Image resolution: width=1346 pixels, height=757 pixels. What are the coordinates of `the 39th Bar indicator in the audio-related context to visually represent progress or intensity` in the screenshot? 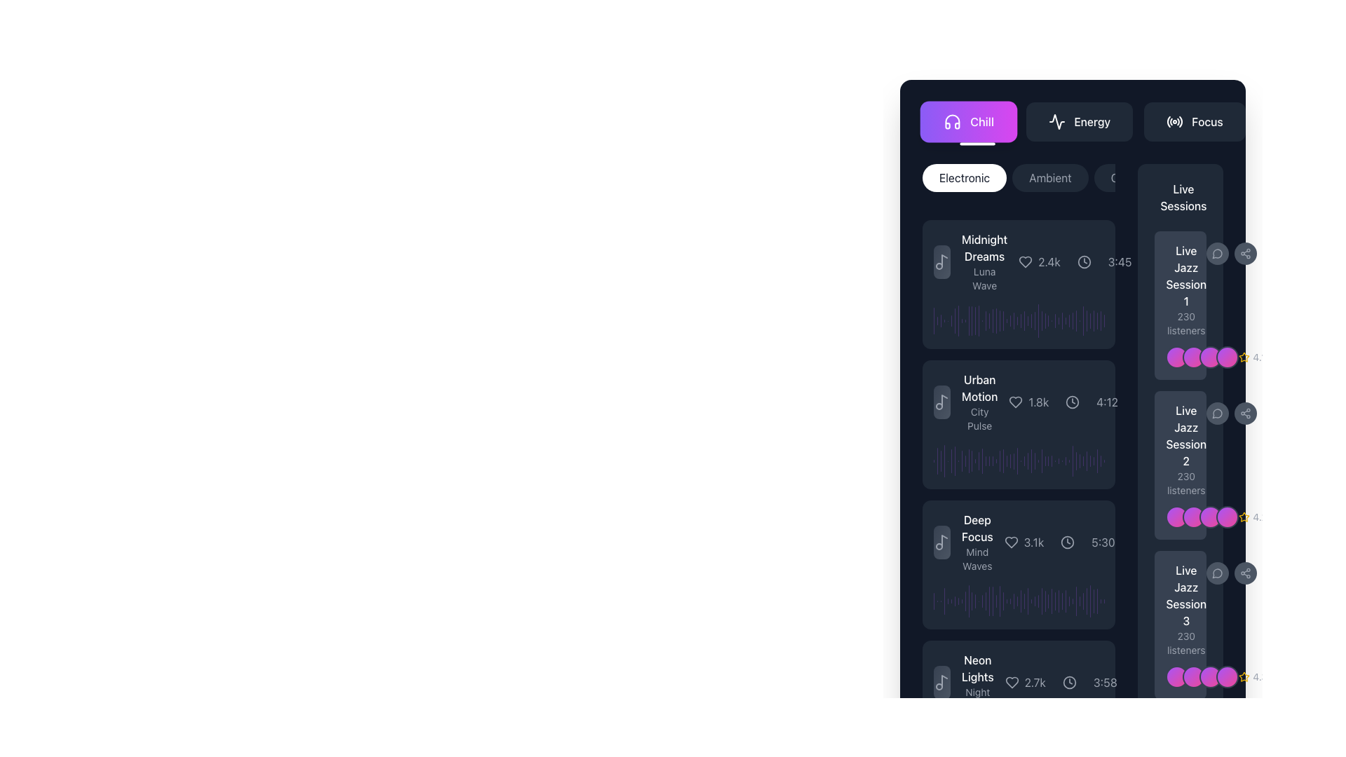 It's located at (1079, 600).